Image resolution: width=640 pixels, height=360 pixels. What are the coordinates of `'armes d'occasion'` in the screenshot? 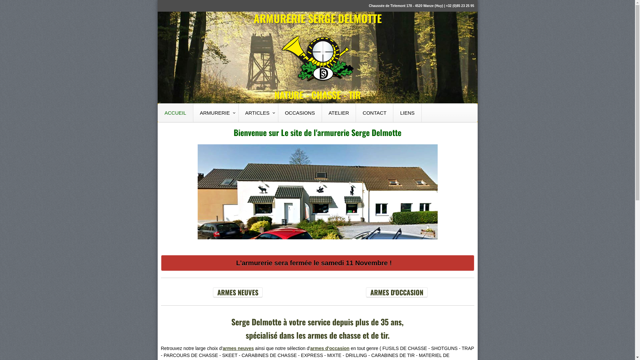 It's located at (310, 348).